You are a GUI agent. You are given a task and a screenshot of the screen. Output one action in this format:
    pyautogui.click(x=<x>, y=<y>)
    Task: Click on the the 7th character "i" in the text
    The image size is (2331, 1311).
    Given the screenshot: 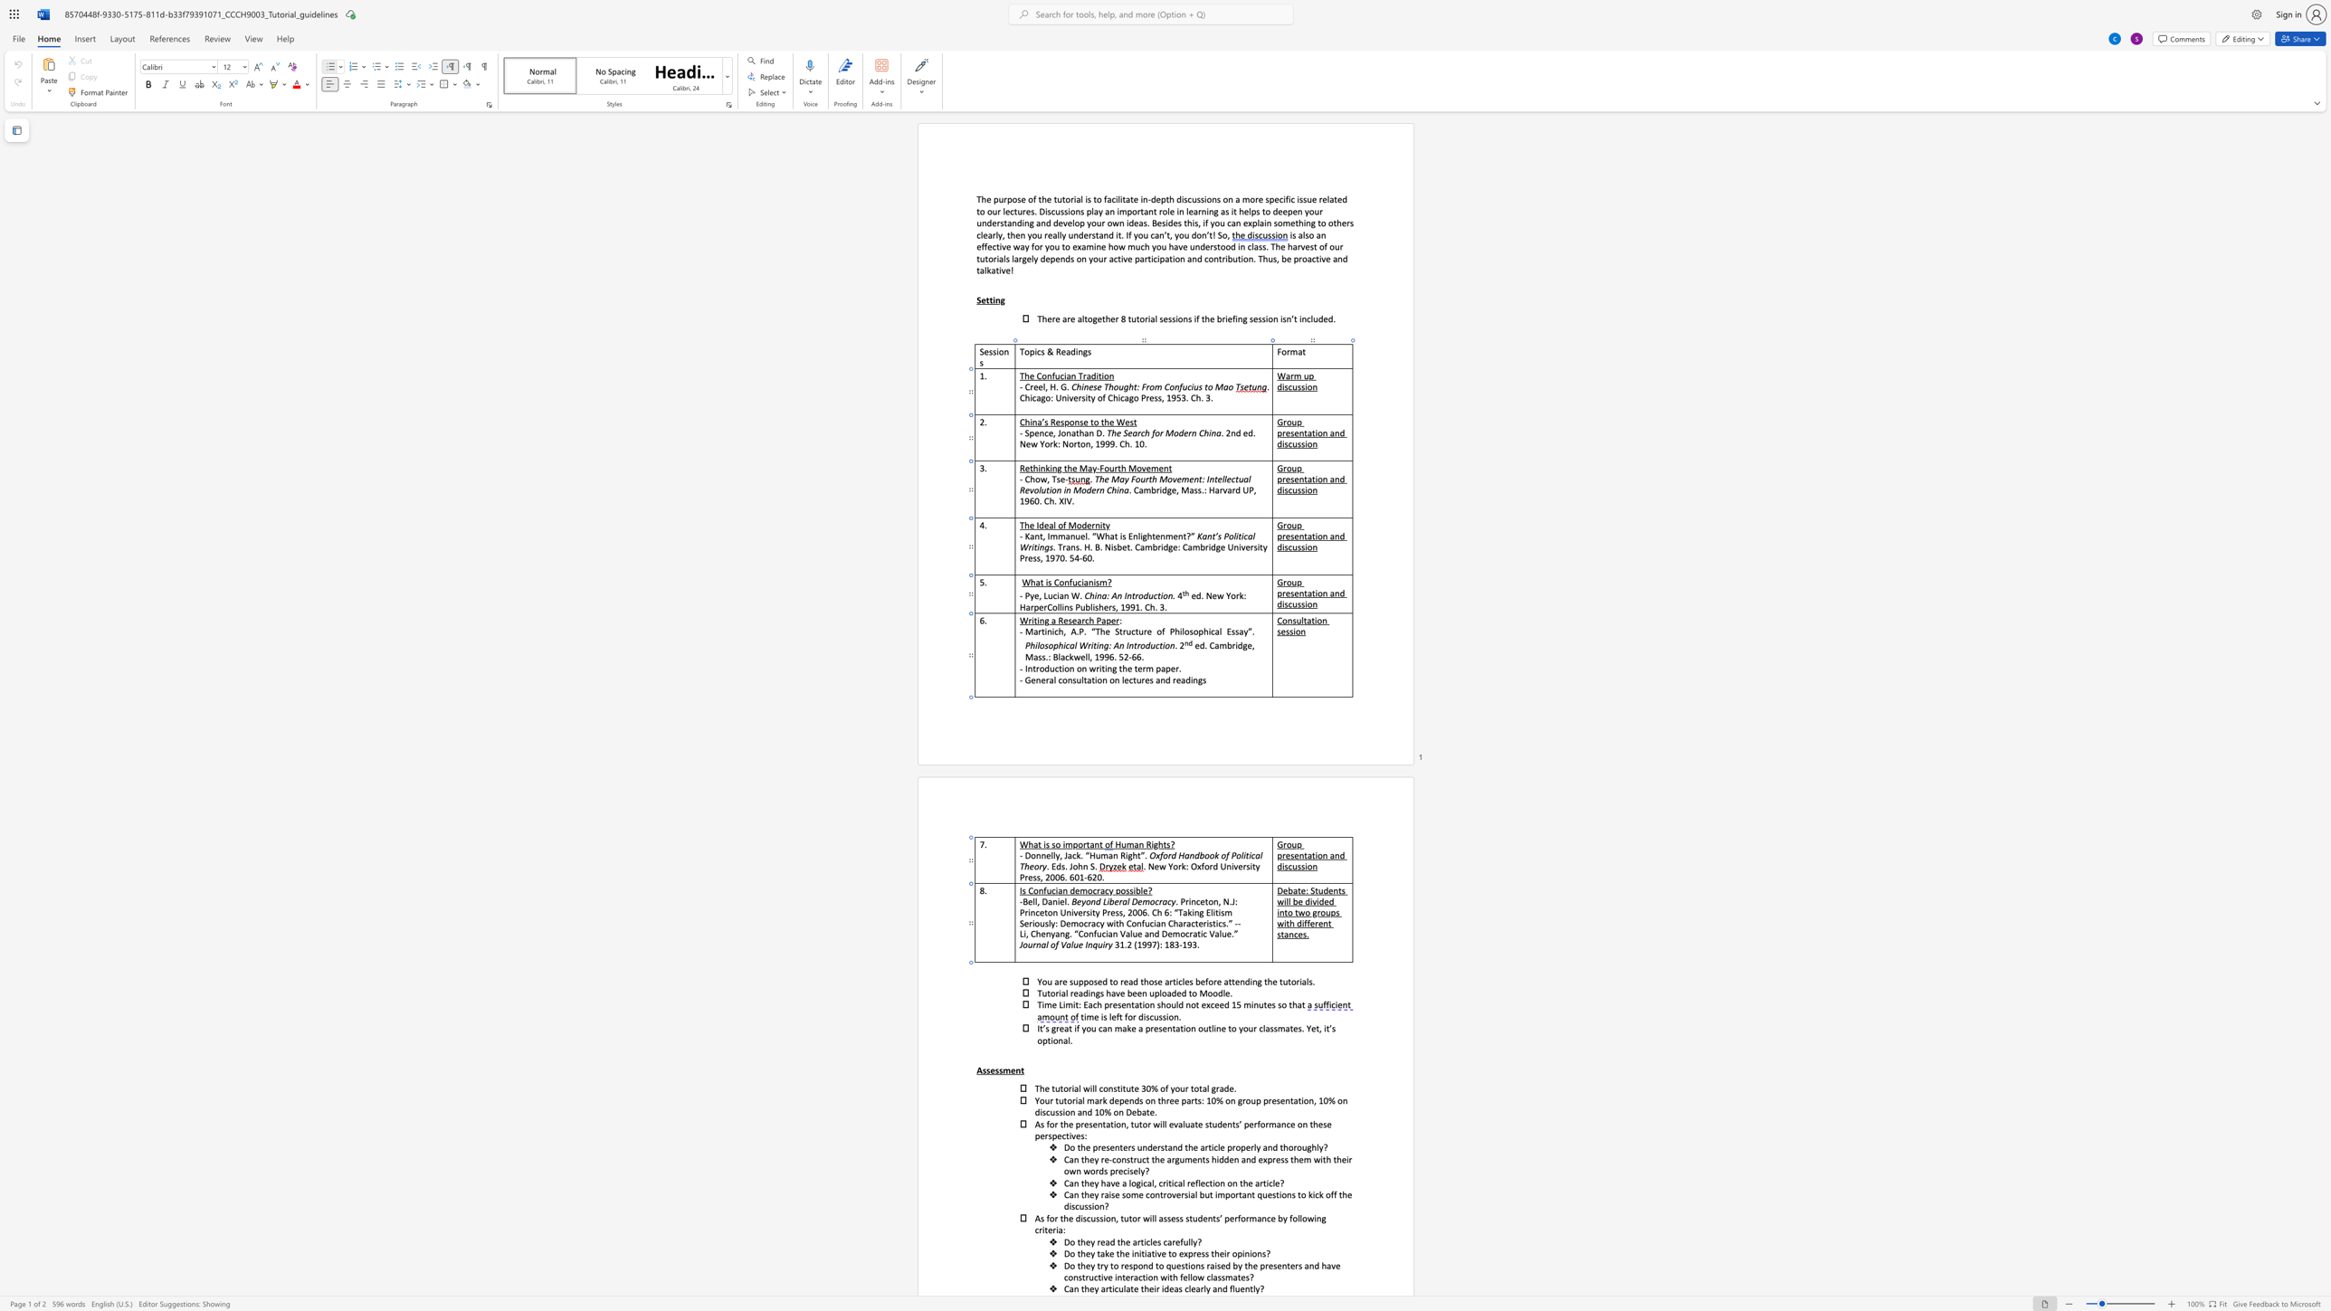 What is the action you would take?
    pyautogui.click(x=1092, y=1205)
    